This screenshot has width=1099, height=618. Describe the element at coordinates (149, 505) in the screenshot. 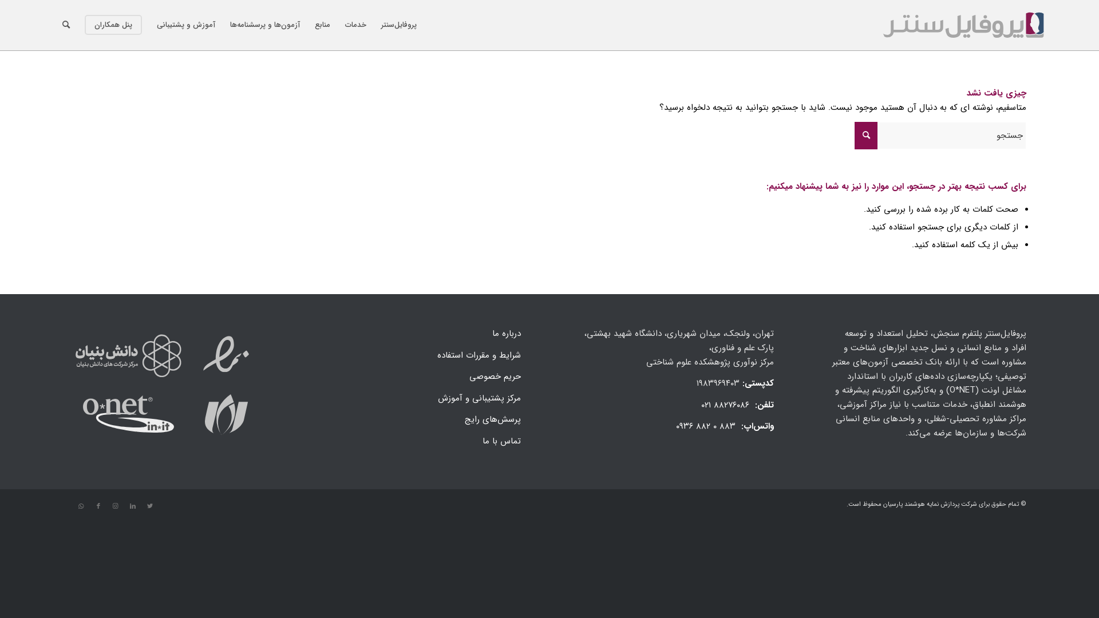

I see `'Twitter'` at that location.